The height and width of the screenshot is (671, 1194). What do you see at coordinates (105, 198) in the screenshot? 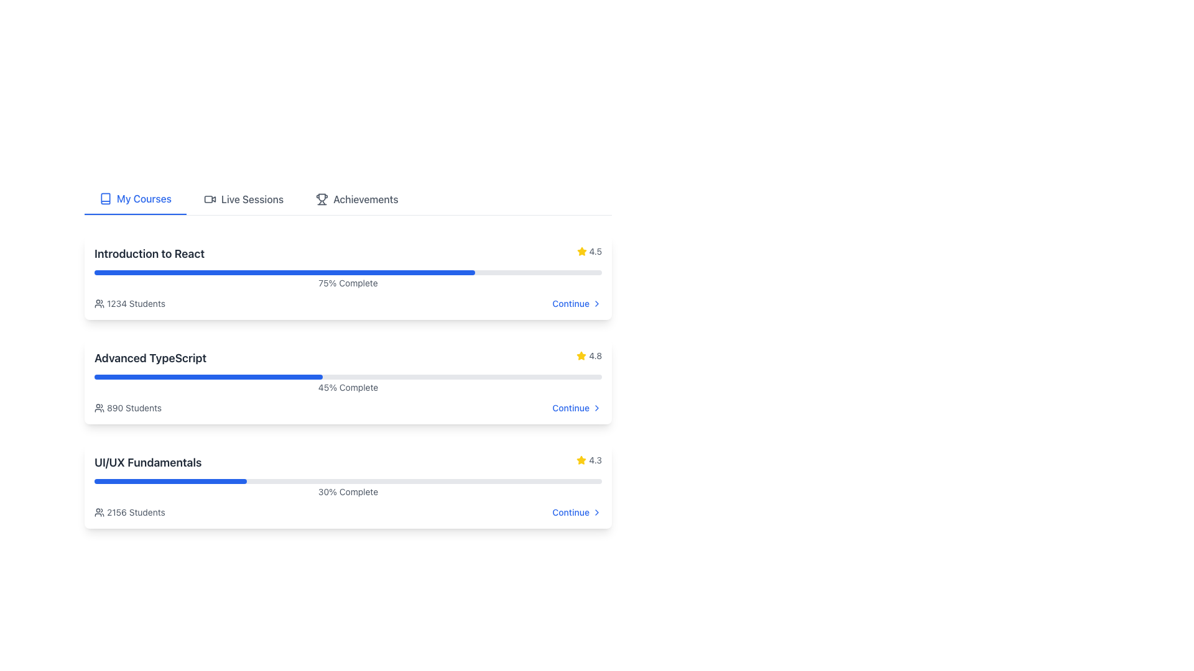
I see `the 'My Courses' icon located in the top menu section` at bounding box center [105, 198].